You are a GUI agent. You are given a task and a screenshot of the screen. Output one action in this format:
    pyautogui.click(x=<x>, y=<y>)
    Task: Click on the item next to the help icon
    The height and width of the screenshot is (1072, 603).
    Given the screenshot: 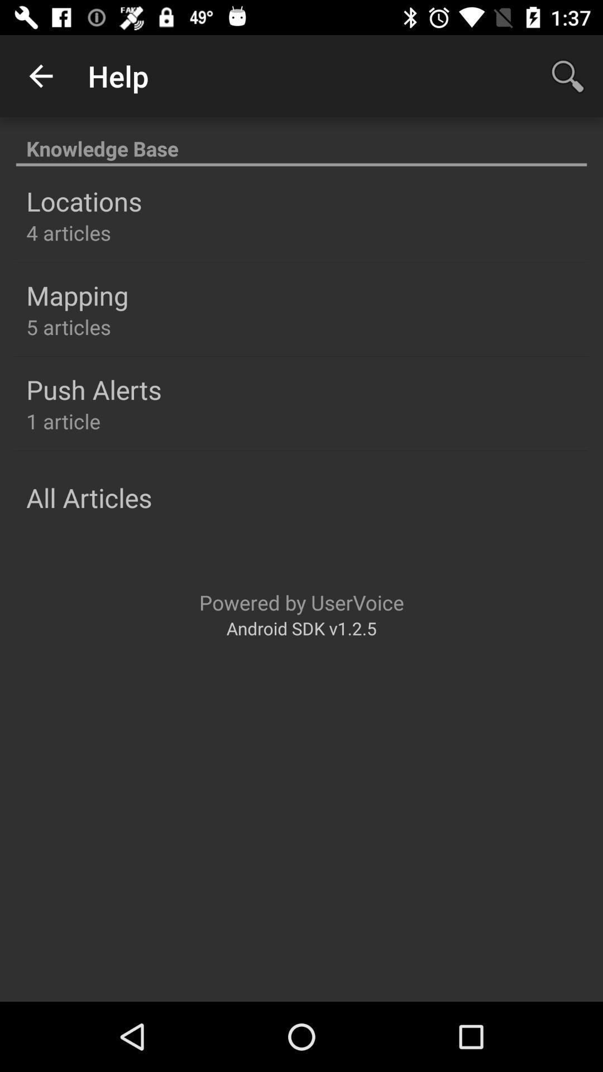 What is the action you would take?
    pyautogui.click(x=568, y=75)
    